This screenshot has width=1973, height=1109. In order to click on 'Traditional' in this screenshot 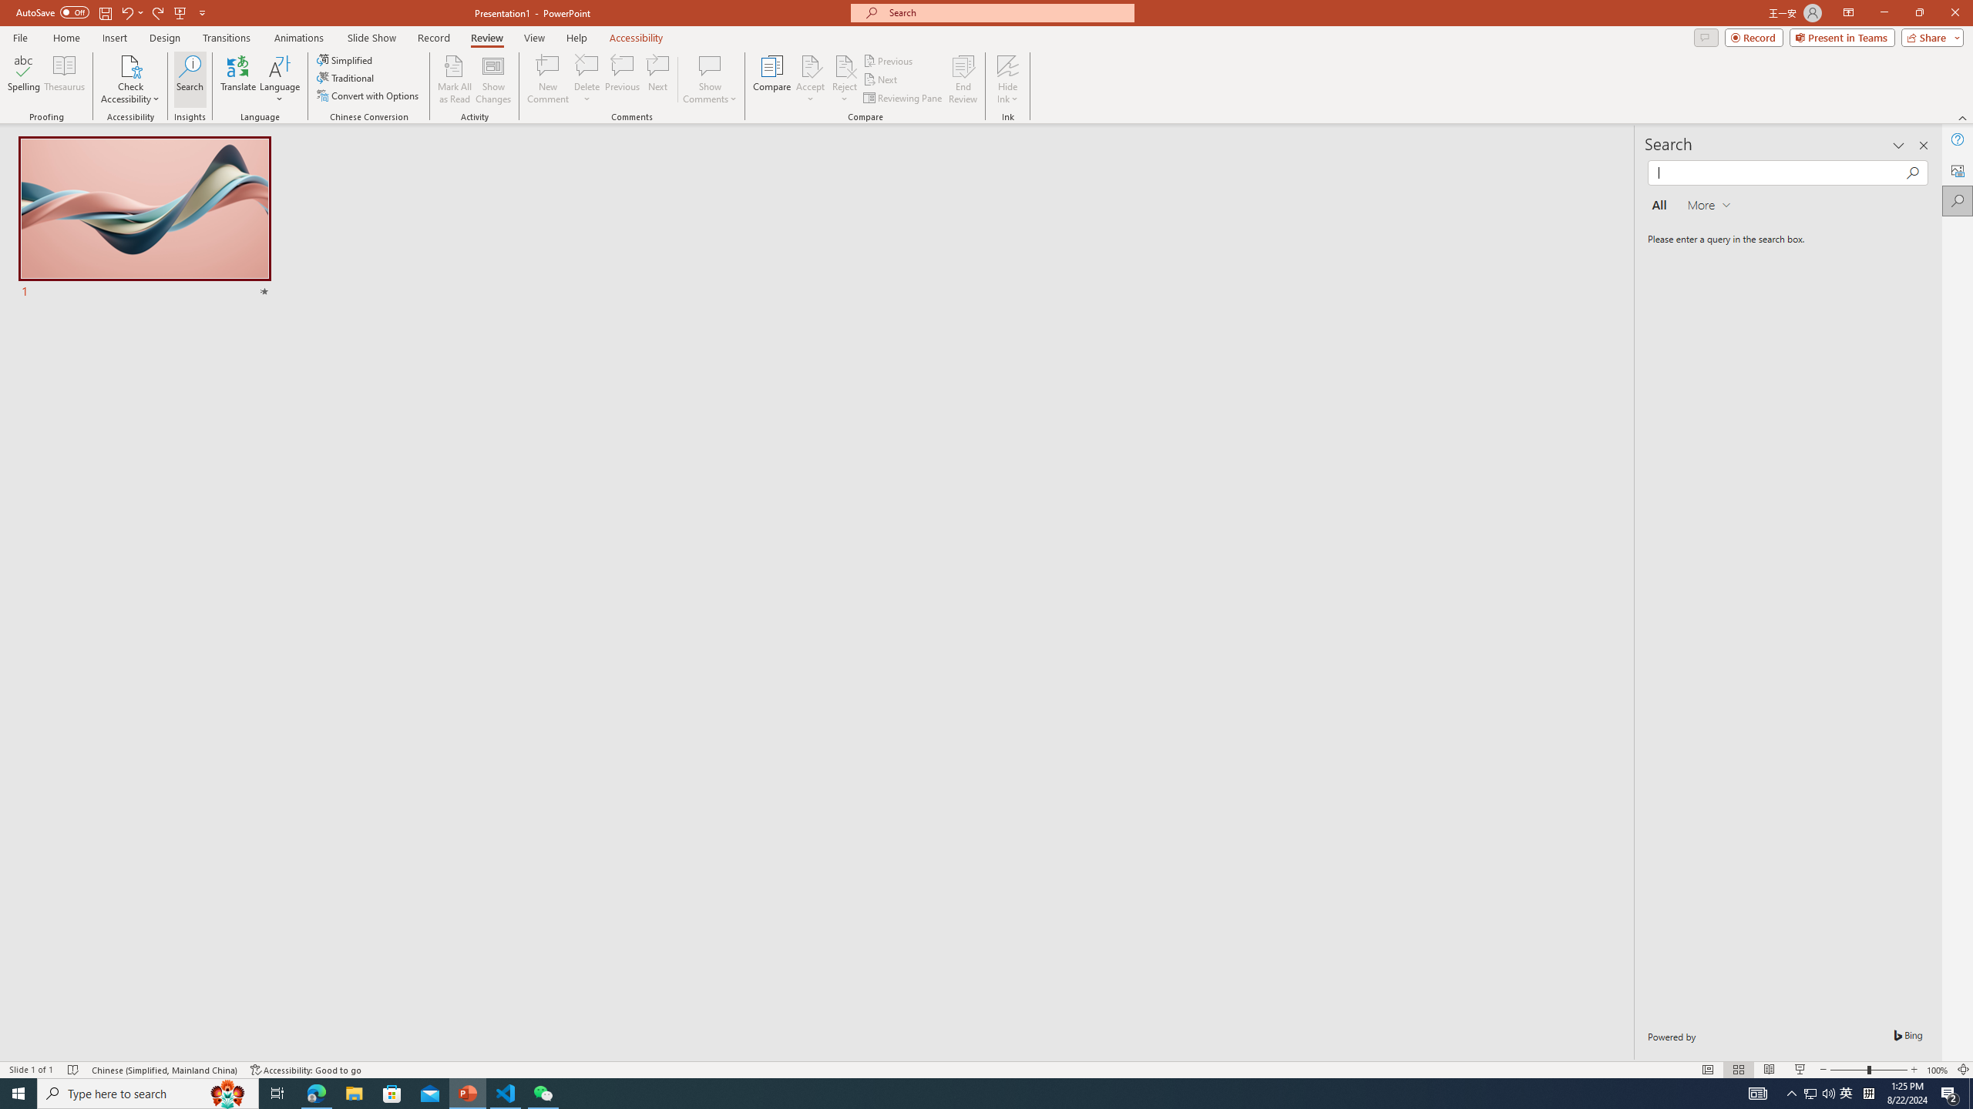, I will do `click(345, 76)`.